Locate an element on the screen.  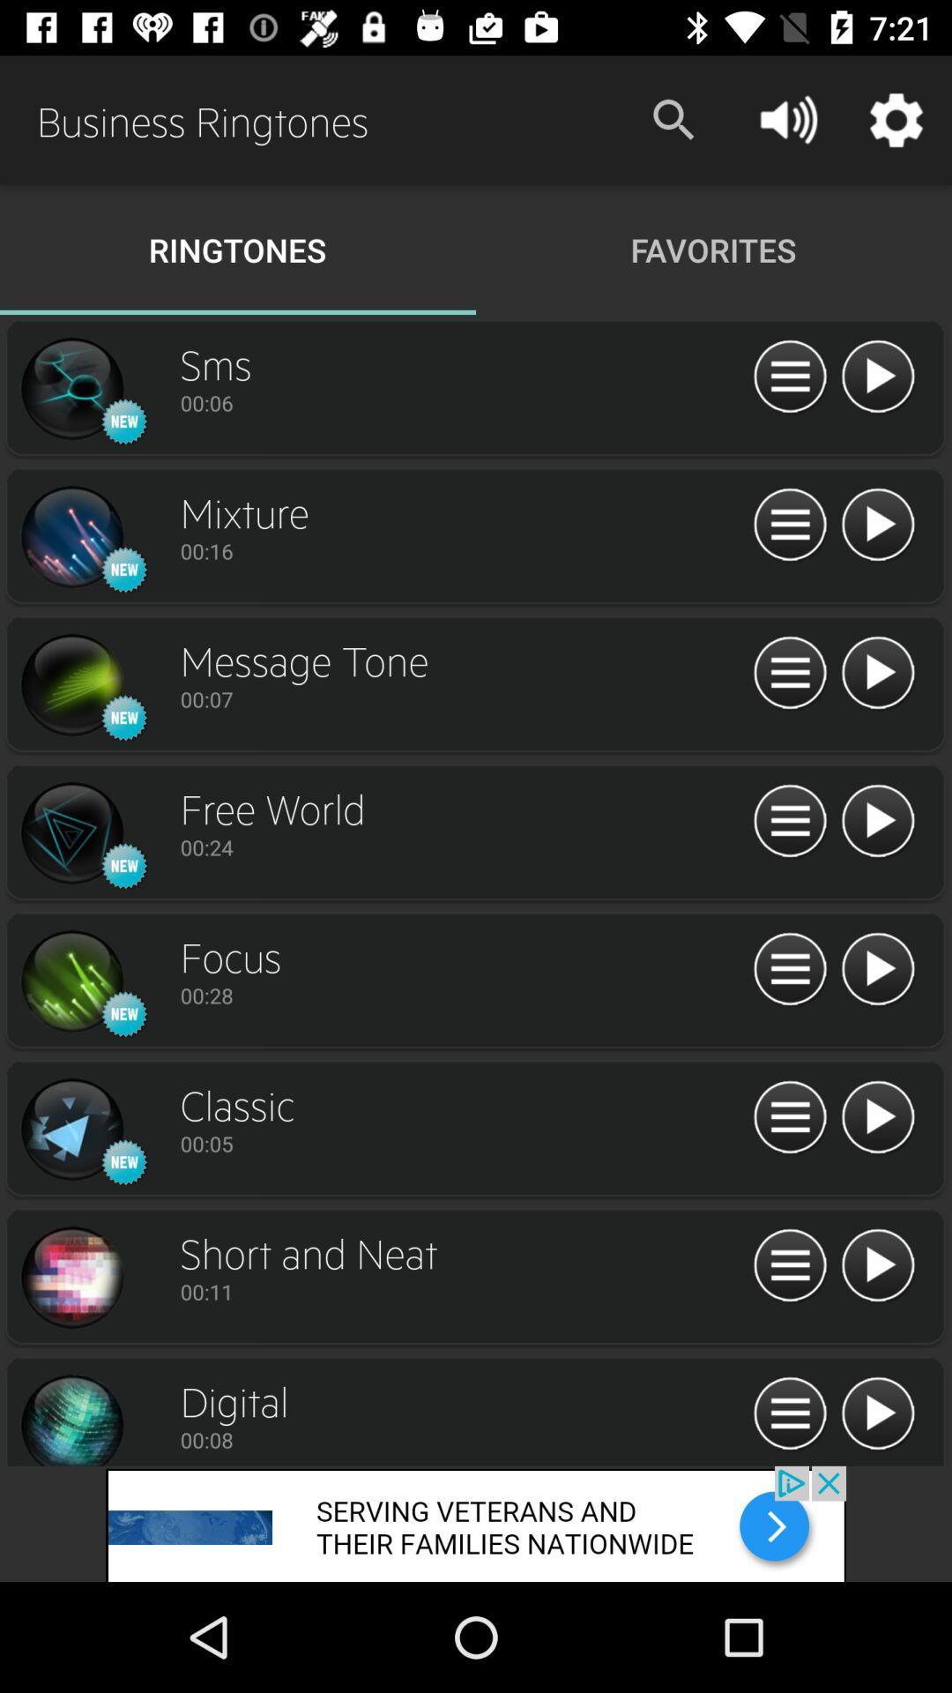
to view options is located at coordinates (789, 525).